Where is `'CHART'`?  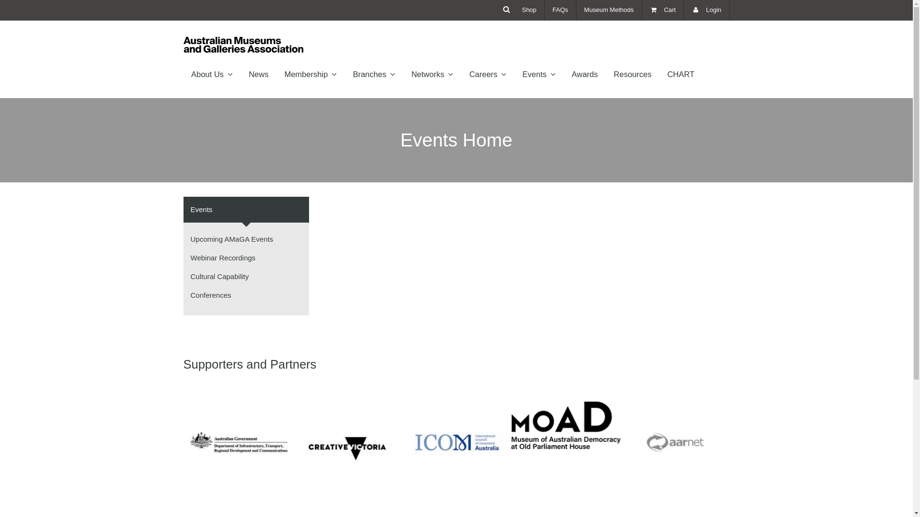
'CHART' is located at coordinates (659, 73).